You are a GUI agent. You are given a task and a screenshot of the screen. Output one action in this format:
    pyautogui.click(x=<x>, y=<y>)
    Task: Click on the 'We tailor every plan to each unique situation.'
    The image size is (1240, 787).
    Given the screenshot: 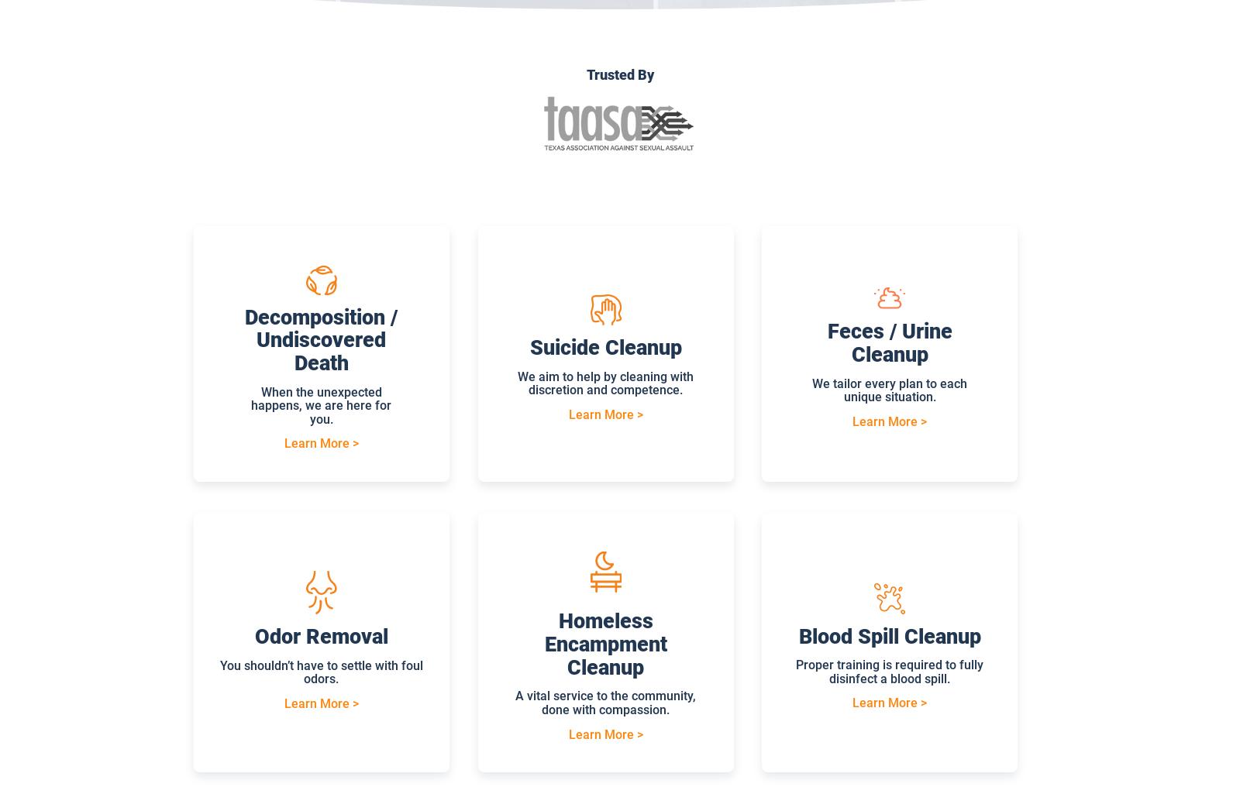 What is the action you would take?
    pyautogui.click(x=890, y=390)
    